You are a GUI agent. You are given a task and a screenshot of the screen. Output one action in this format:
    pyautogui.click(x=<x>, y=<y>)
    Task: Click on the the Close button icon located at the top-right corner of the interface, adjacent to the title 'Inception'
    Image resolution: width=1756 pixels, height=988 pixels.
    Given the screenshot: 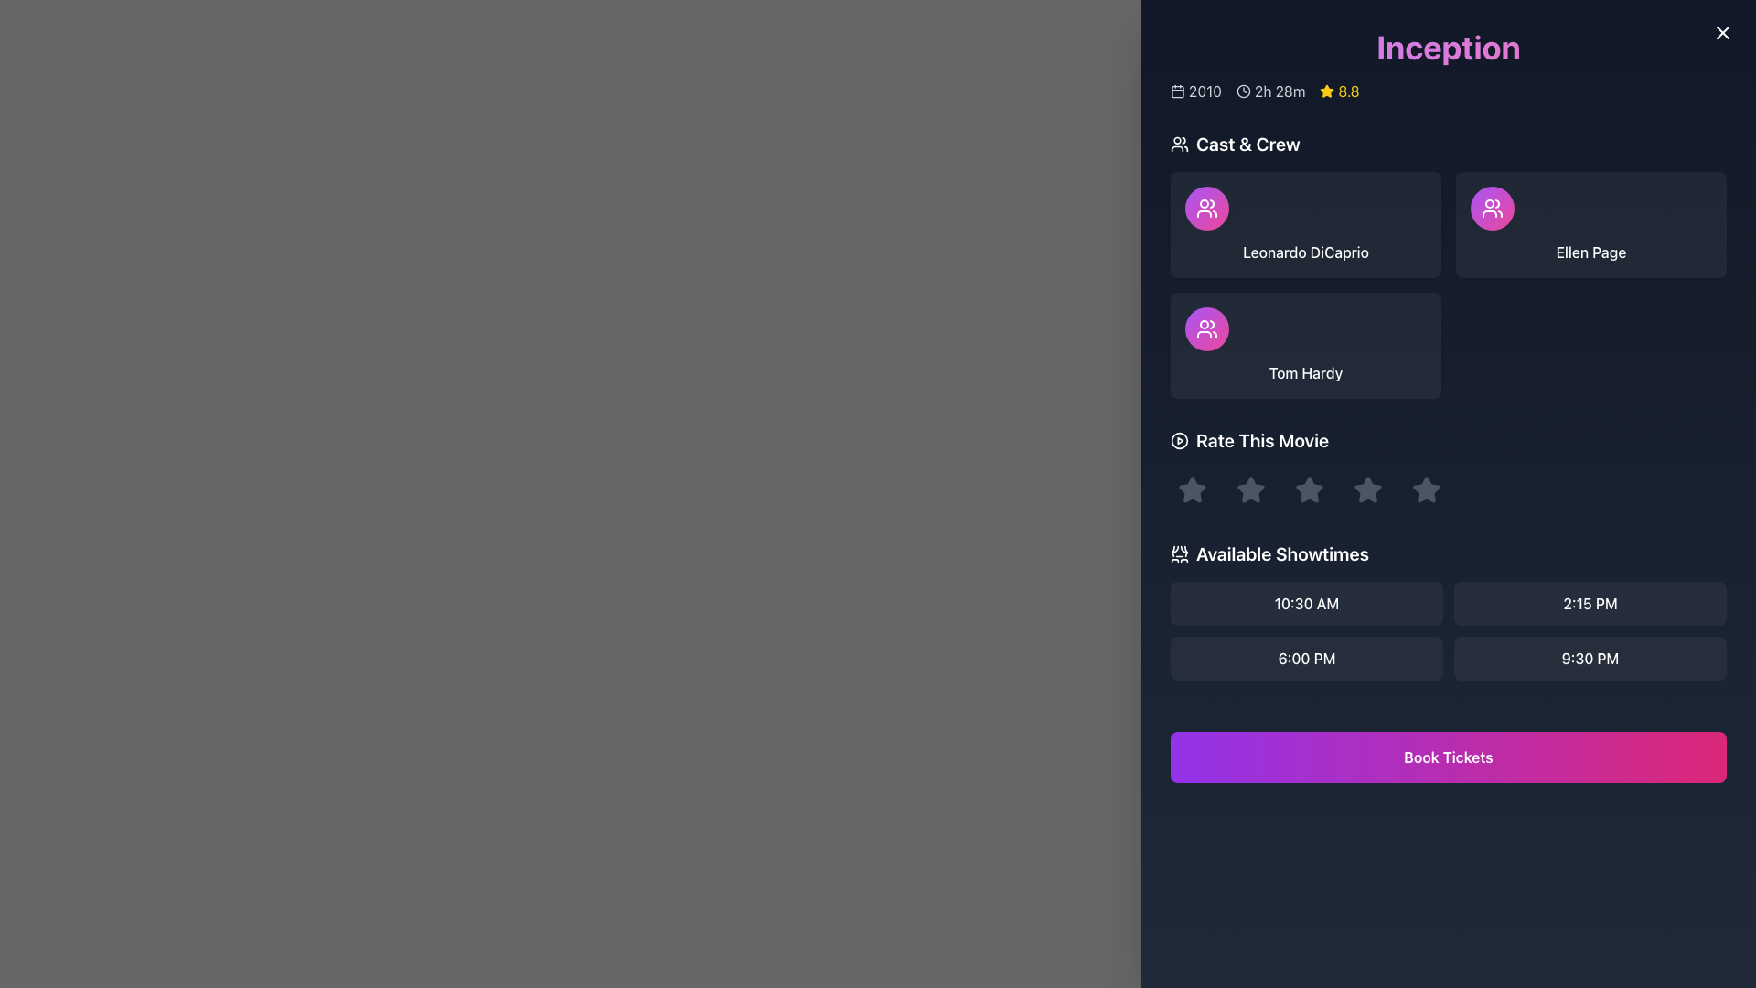 What is the action you would take?
    pyautogui.click(x=1721, y=32)
    